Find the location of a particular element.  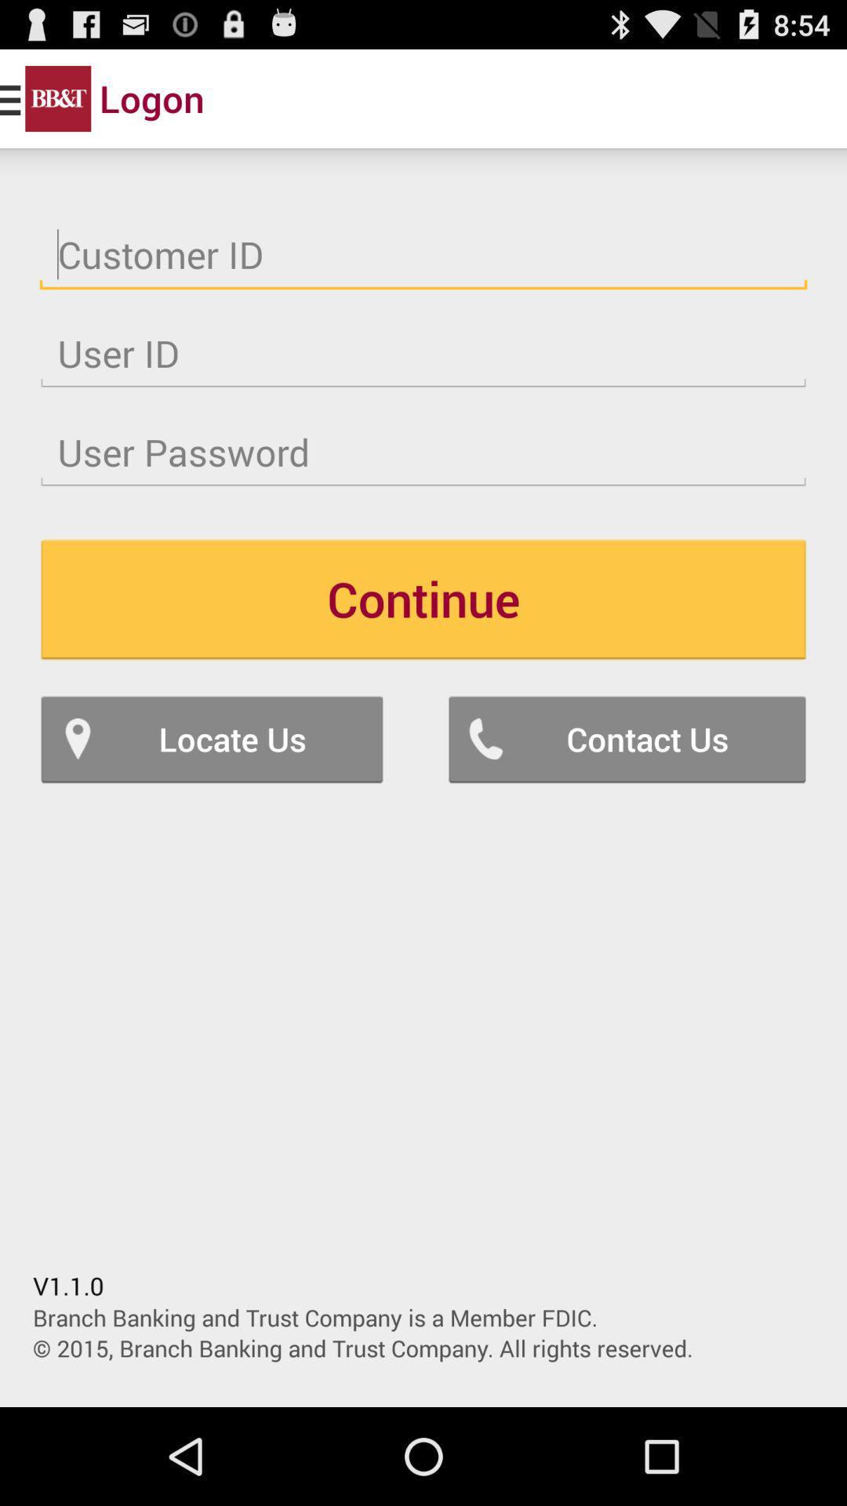

the locate us is located at coordinates (212, 738).